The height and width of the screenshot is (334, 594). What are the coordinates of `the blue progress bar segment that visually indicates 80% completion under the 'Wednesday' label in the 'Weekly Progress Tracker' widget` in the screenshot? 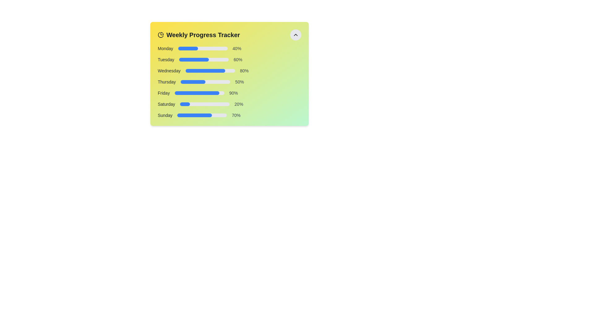 It's located at (205, 70).